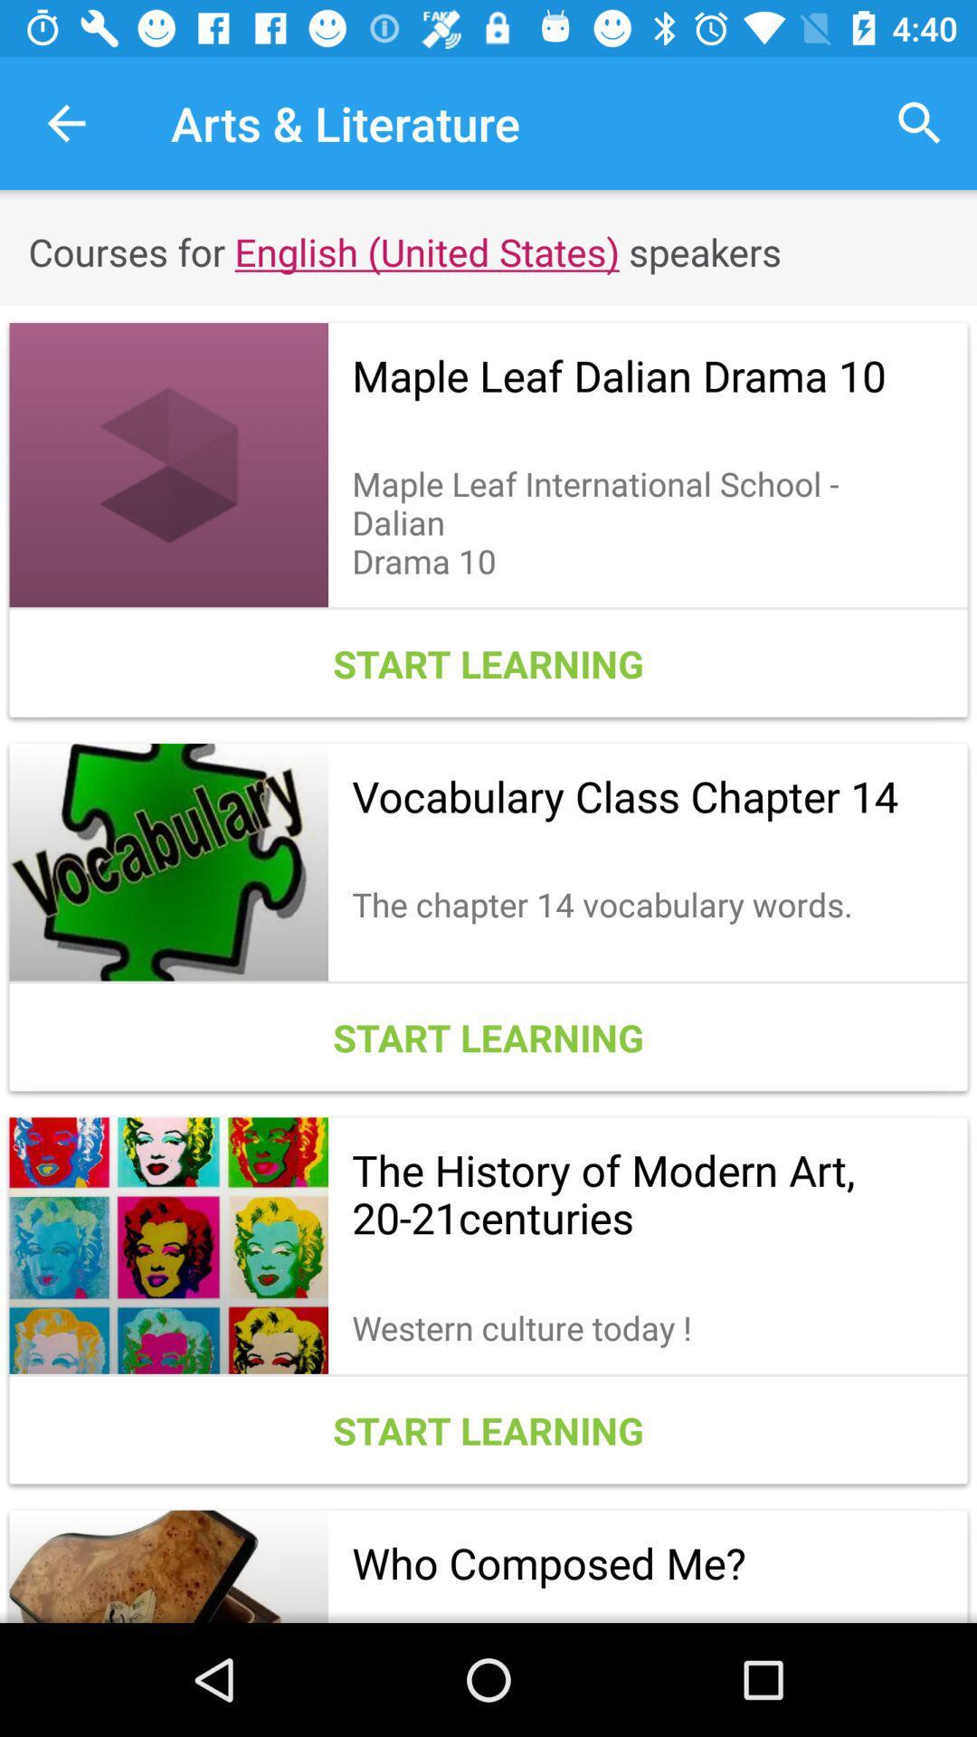 This screenshot has width=977, height=1737. Describe the element at coordinates (488, 251) in the screenshot. I see `the courses for english item` at that location.